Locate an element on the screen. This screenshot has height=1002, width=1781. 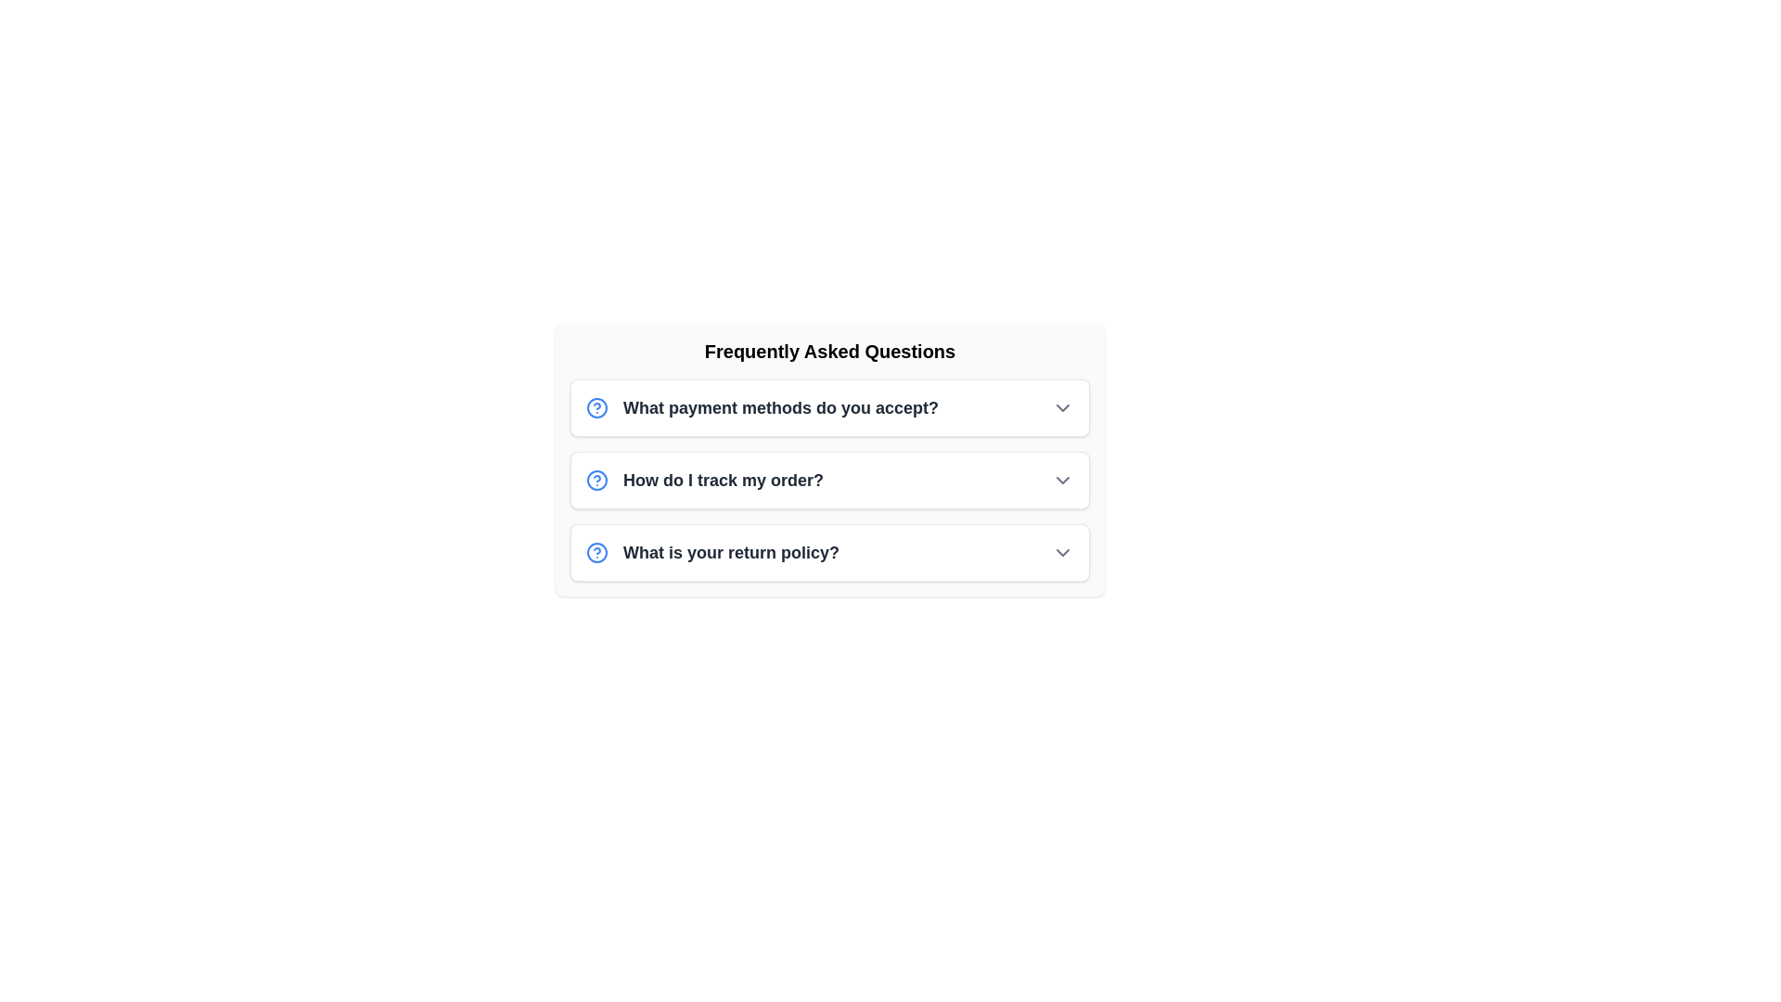
the circular blue icon with a question mark and dot below it, located to the left of the text 'What is your return policy.' is located at coordinates (596, 552).